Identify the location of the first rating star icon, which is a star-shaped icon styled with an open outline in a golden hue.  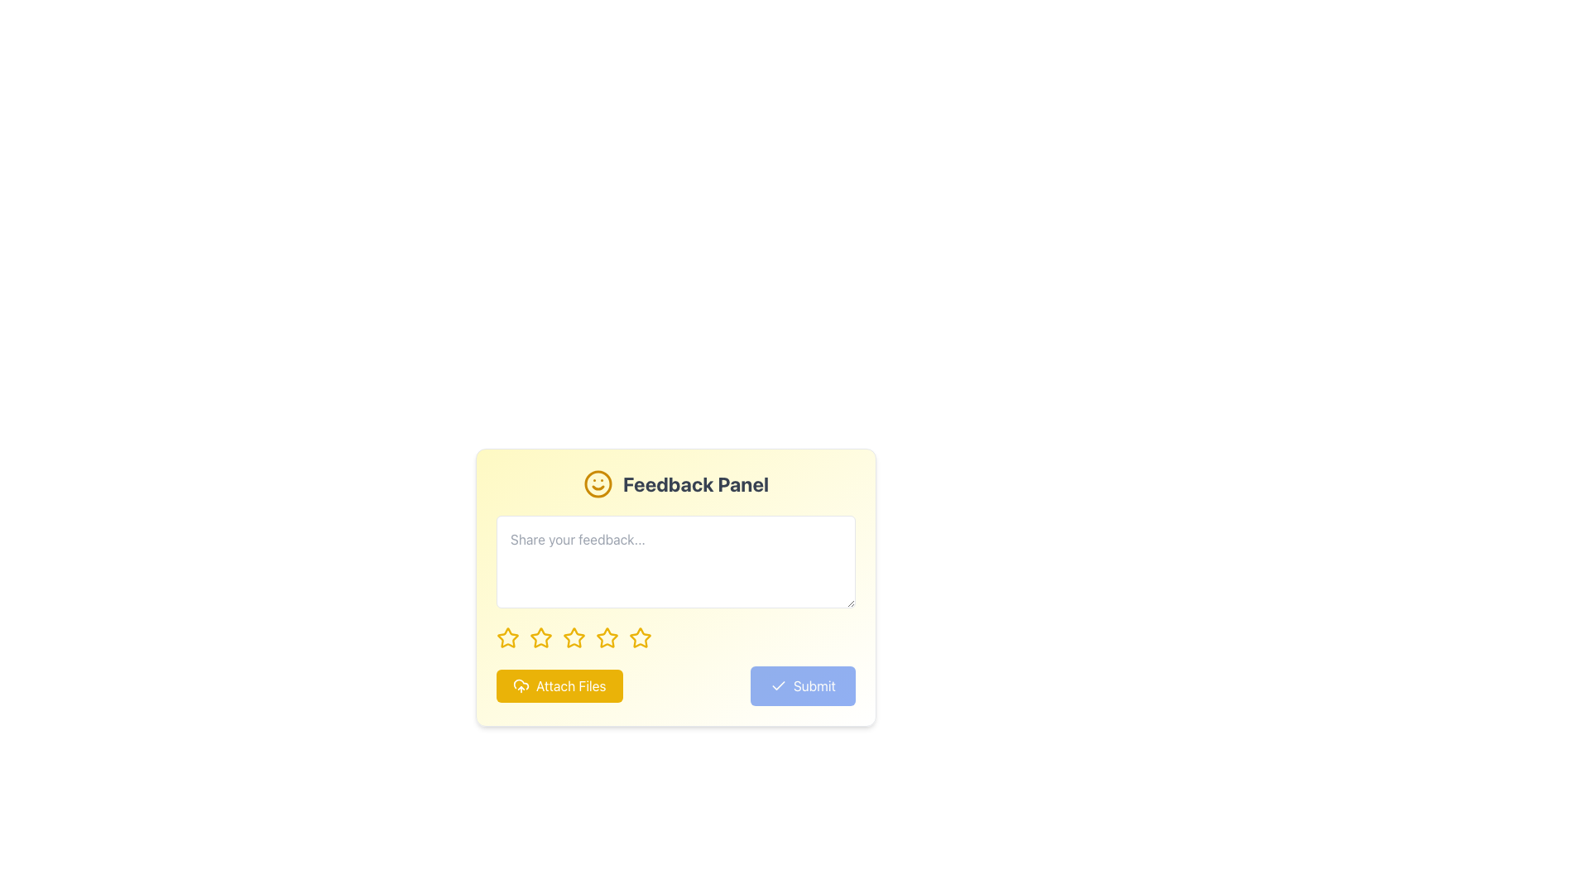
(507, 637).